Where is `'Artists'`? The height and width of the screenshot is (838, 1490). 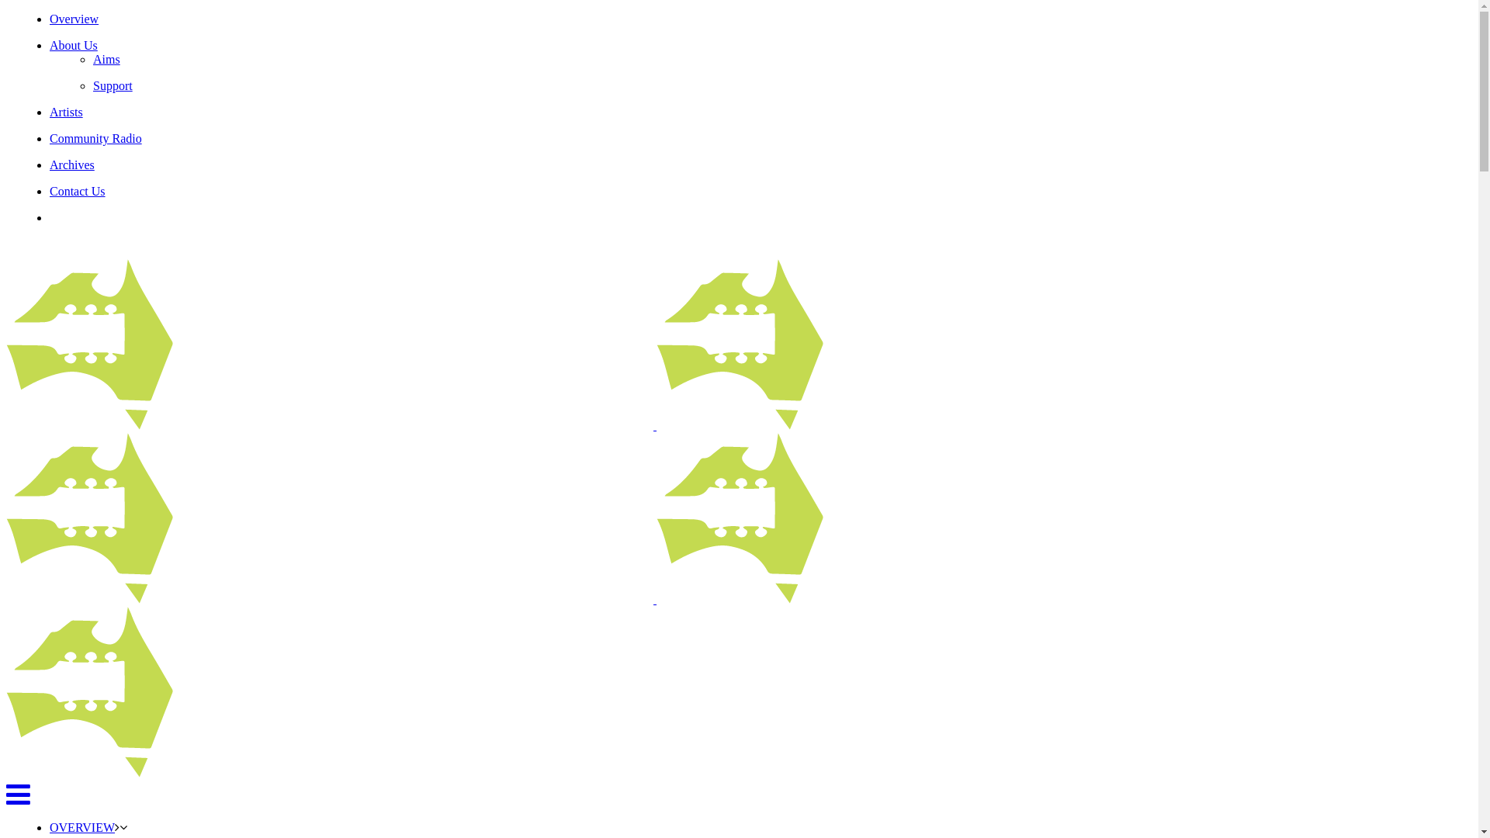
'Artists' is located at coordinates (65, 111).